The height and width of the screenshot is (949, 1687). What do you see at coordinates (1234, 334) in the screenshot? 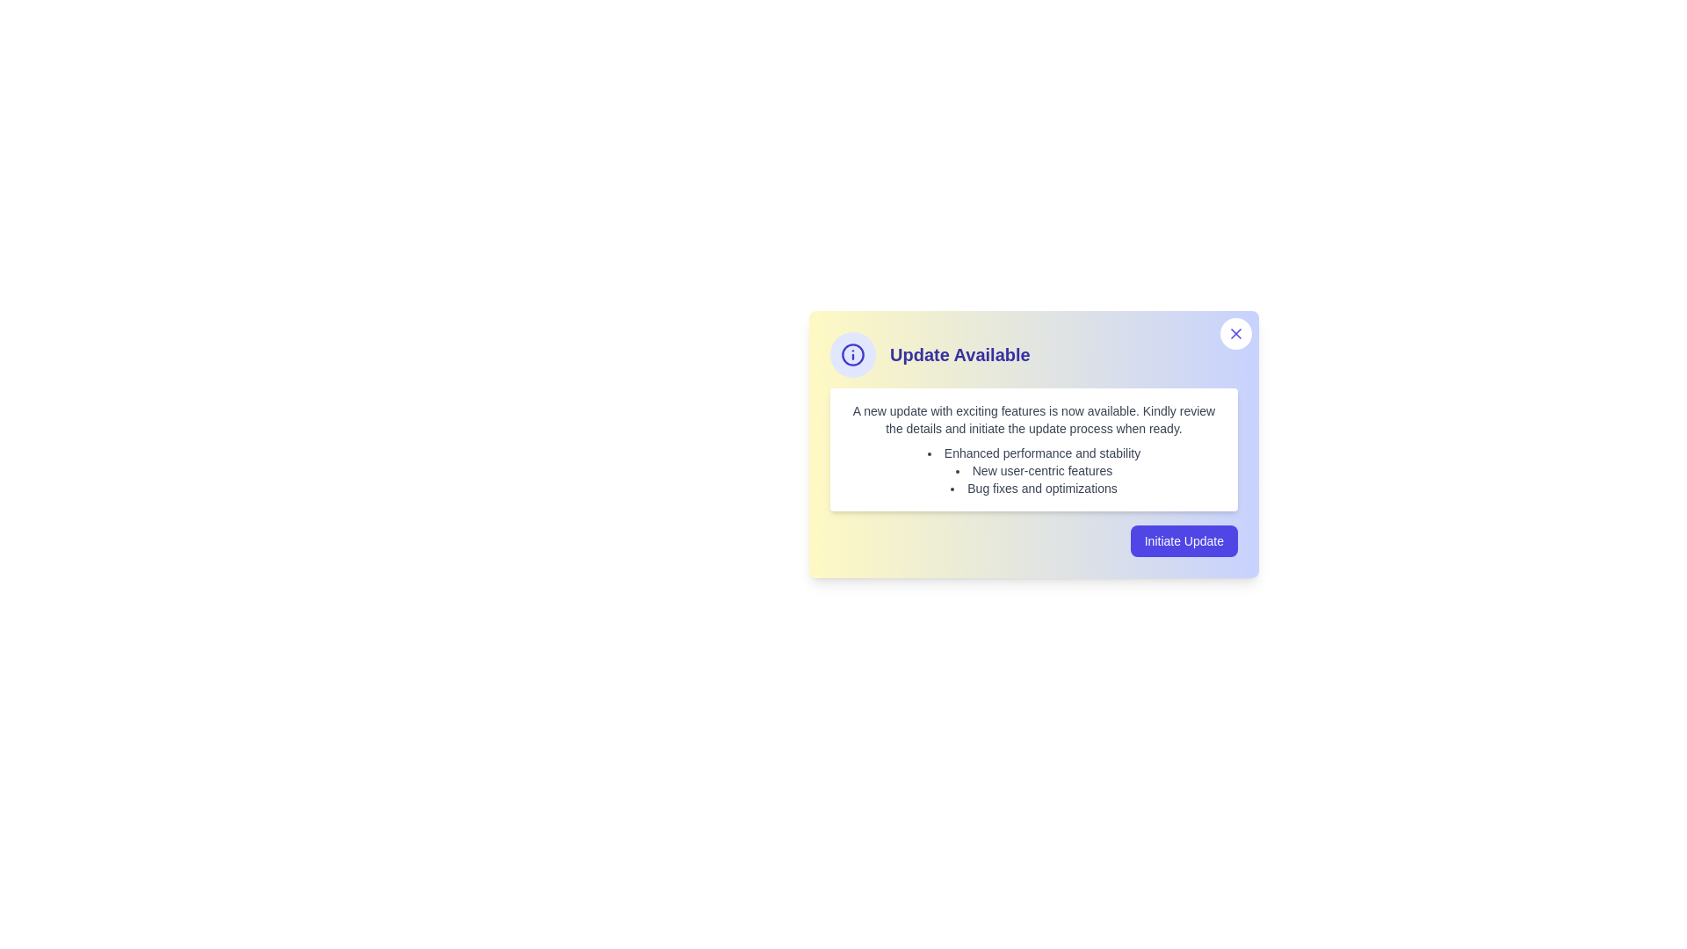
I see `close button at the top-right corner of the alert` at bounding box center [1234, 334].